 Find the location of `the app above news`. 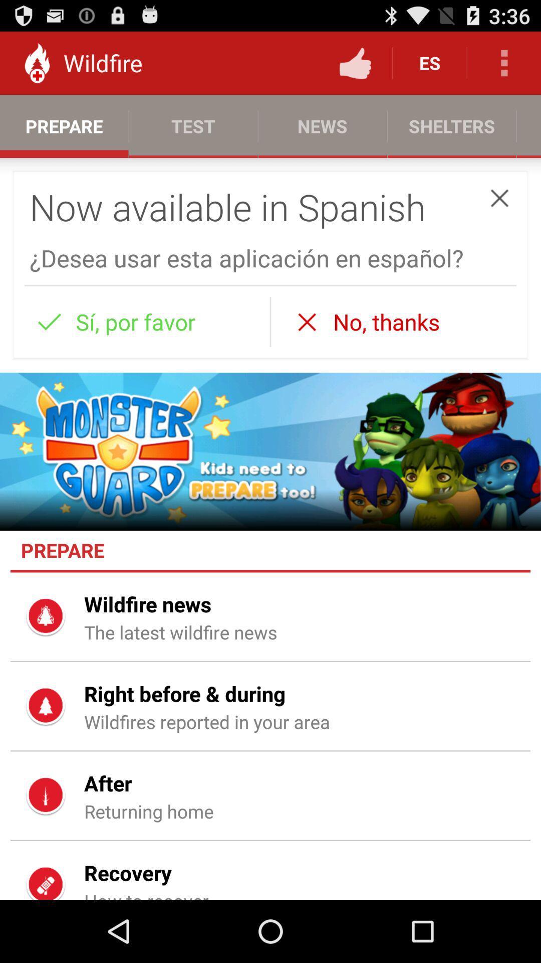

the app above news is located at coordinates (355, 62).